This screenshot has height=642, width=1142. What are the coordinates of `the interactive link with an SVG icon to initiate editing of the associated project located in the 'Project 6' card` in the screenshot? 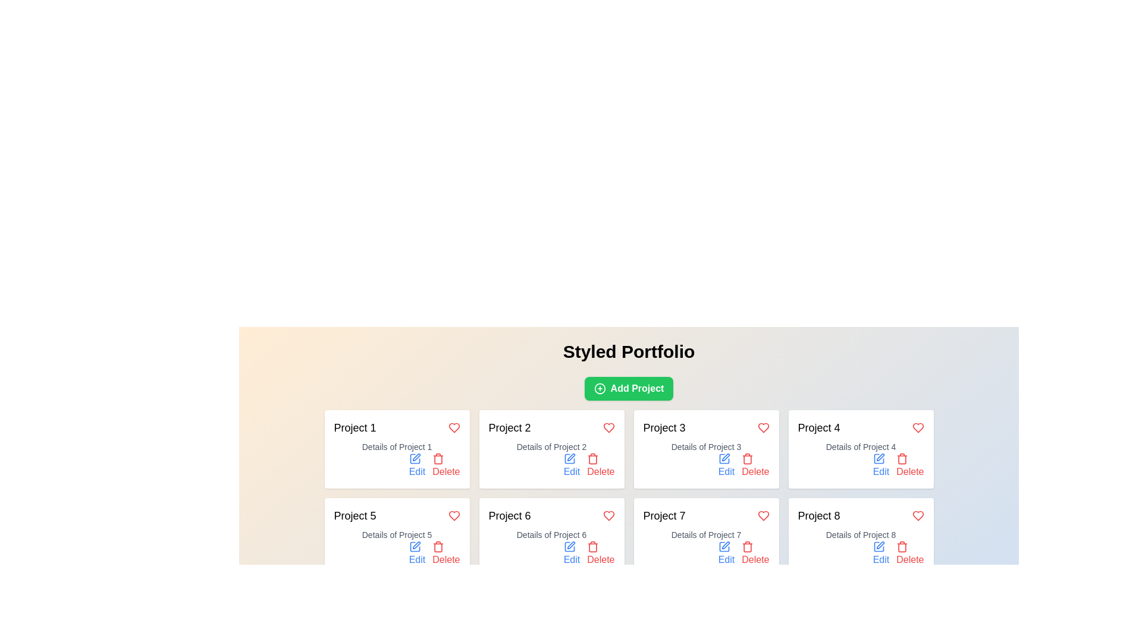 It's located at (572, 554).